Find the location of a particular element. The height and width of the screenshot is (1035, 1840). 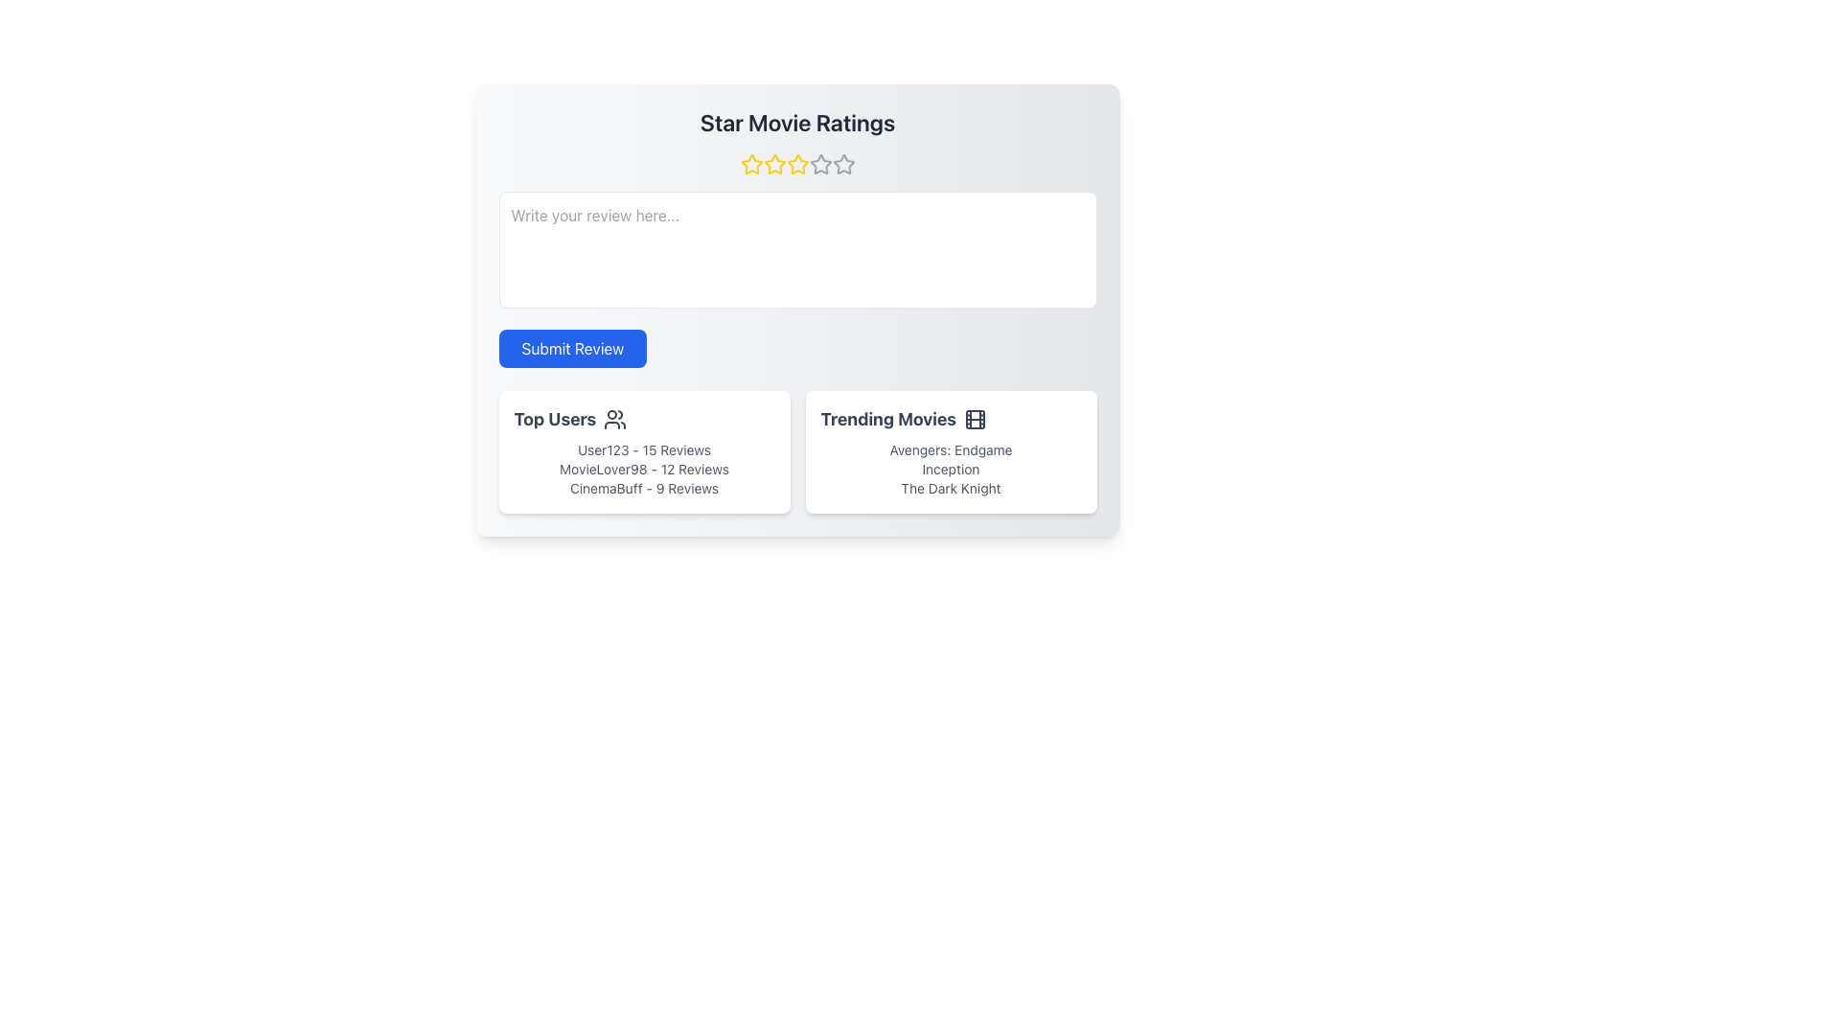

the second yellow star in the rating feature is located at coordinates (774, 163).